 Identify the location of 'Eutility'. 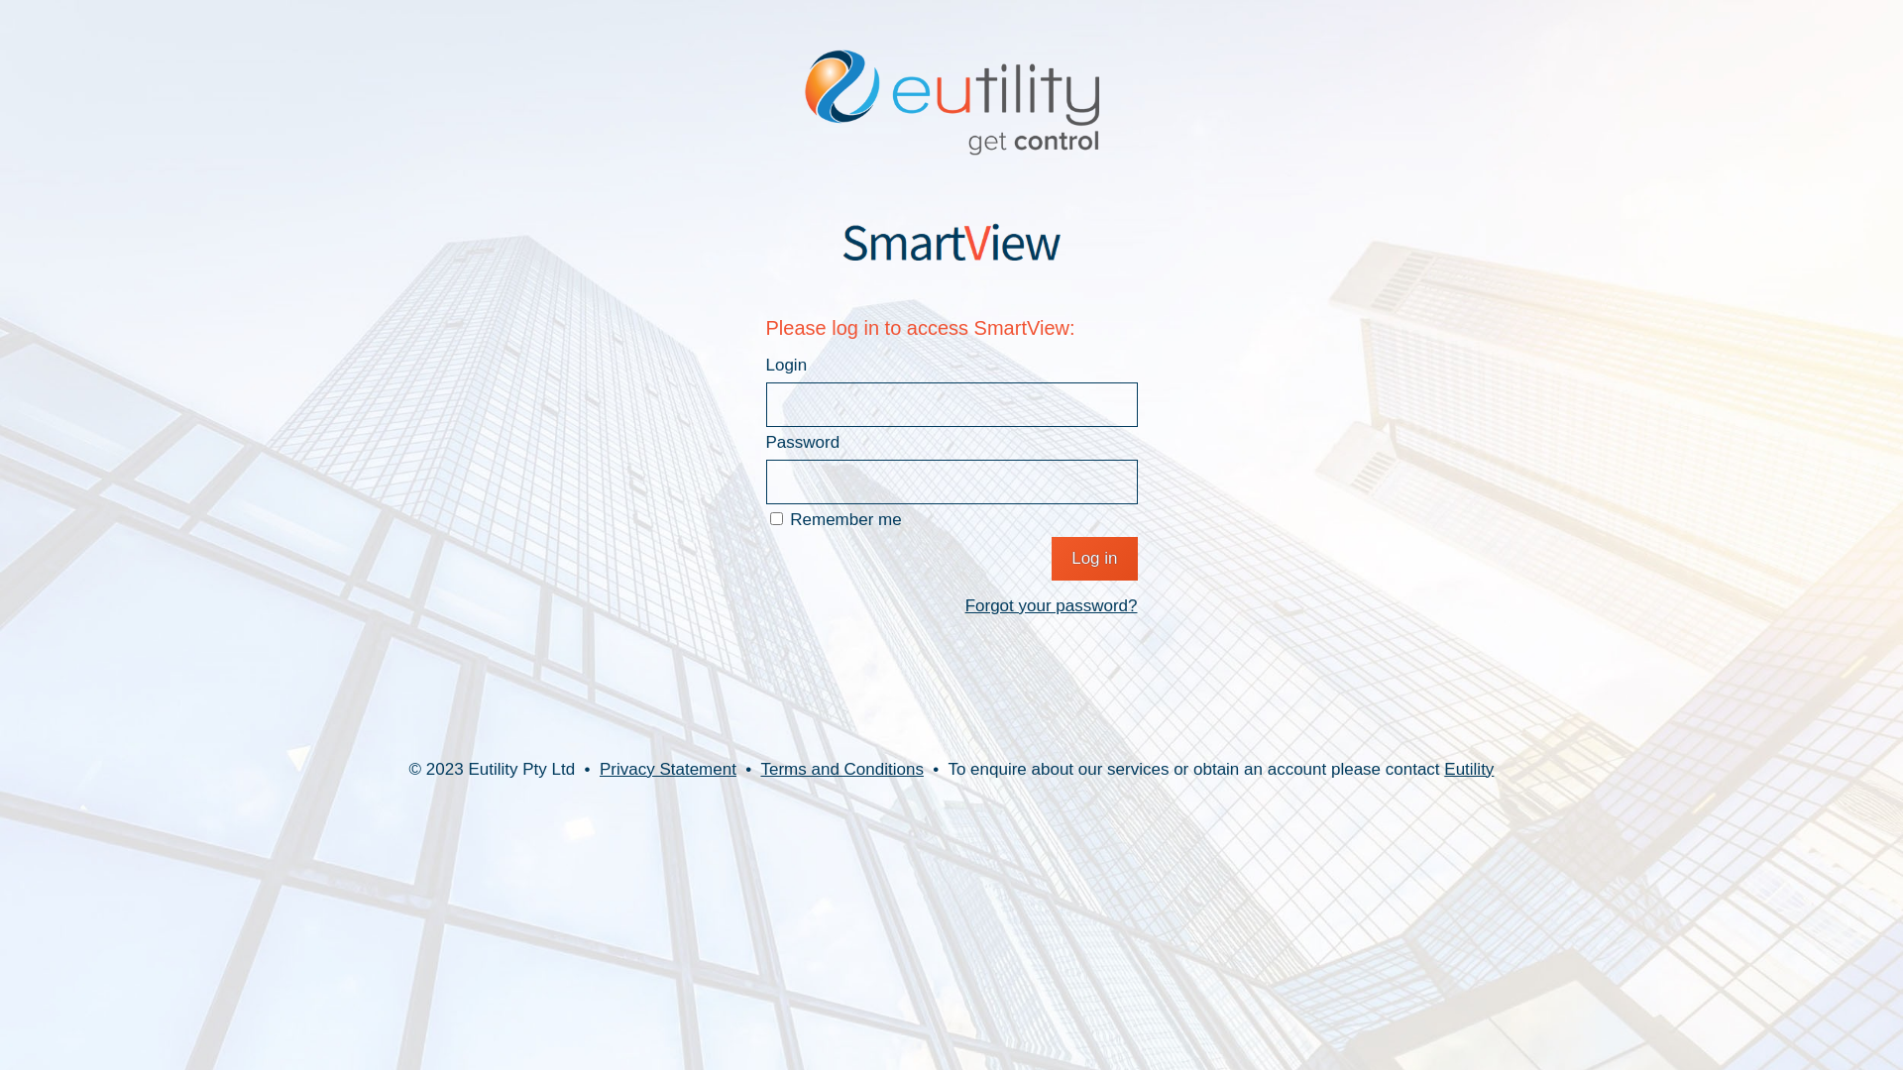
(1444, 767).